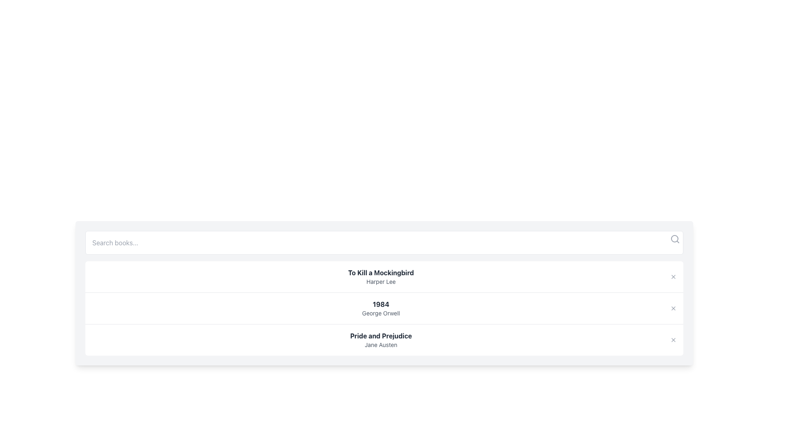  I want to click on the second list item in the book selection interface, so click(380, 308).